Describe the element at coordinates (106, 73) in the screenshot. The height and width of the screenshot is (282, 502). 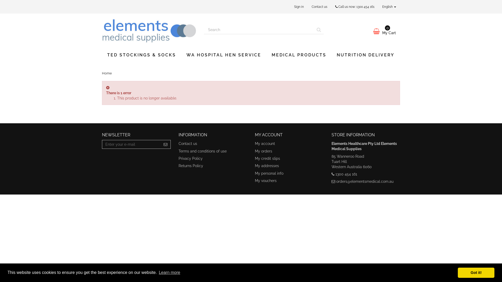
I see `'Home'` at that location.